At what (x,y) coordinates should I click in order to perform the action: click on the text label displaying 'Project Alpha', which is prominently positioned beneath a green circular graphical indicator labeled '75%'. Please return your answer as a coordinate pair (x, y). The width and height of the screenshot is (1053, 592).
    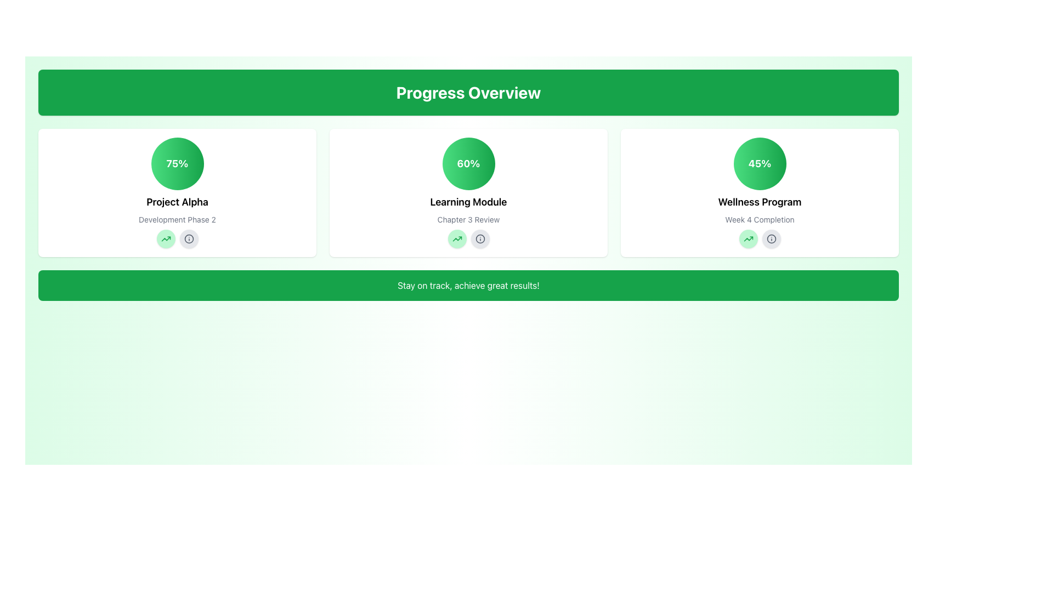
    Looking at the image, I should click on (177, 202).